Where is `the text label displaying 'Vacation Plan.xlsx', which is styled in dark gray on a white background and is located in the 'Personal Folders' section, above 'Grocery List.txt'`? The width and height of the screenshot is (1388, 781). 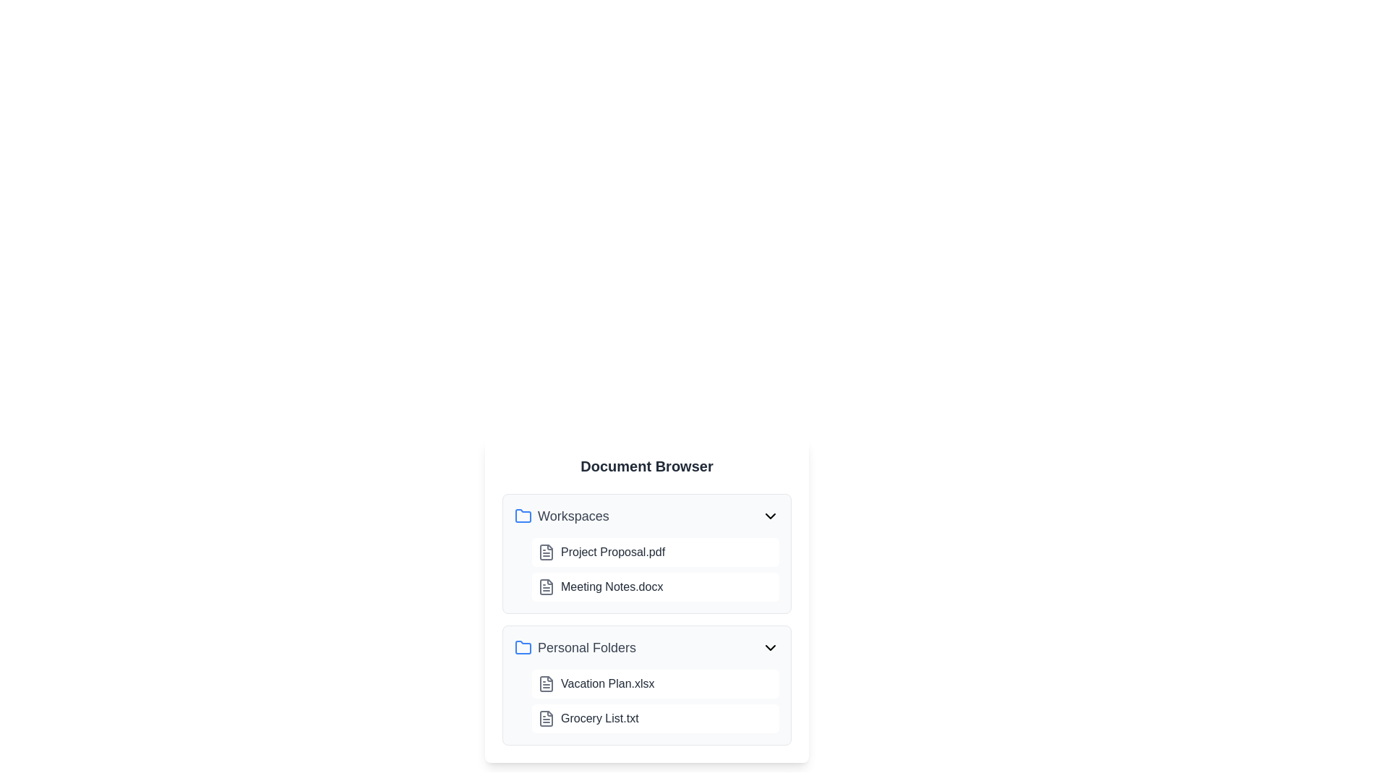
the text label displaying 'Vacation Plan.xlsx', which is styled in dark gray on a white background and is located in the 'Personal Folders' section, above 'Grocery List.txt' is located at coordinates (607, 683).